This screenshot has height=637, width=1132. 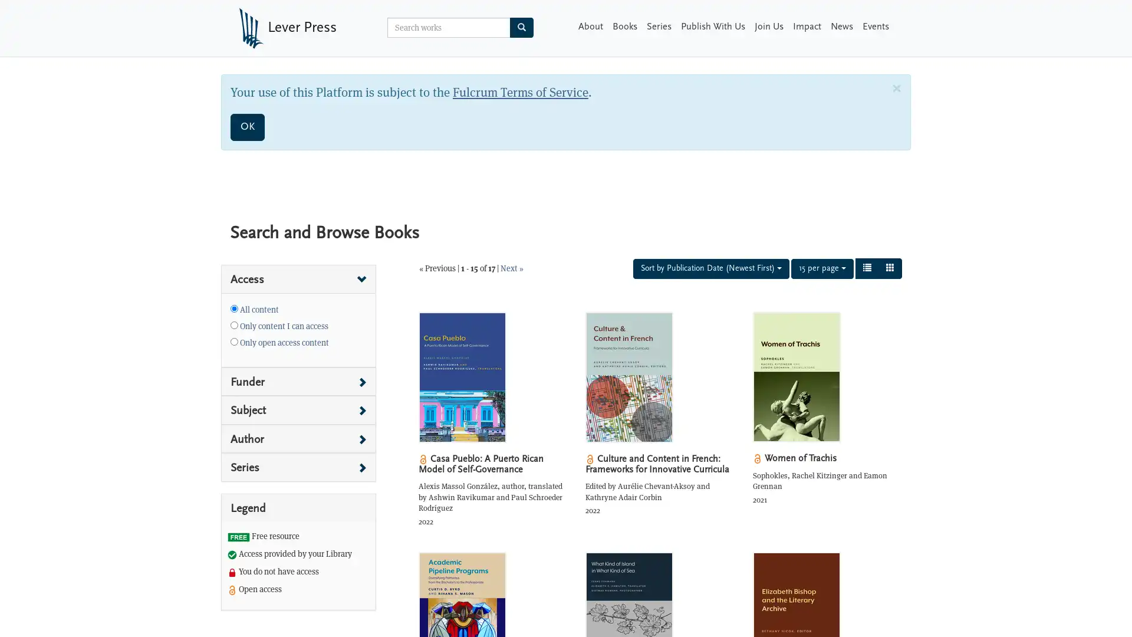 I want to click on Sort by Publication Date (Newest First), so click(x=710, y=268).